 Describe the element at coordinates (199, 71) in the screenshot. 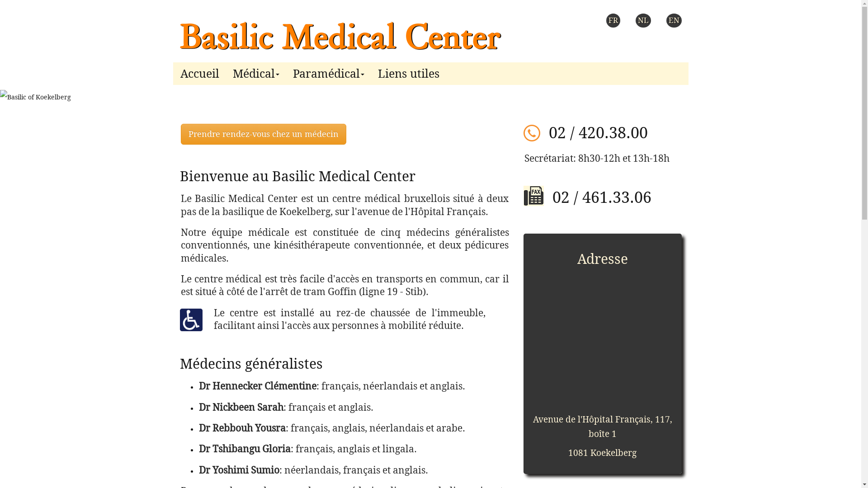

I see `'Accueil'` at that location.